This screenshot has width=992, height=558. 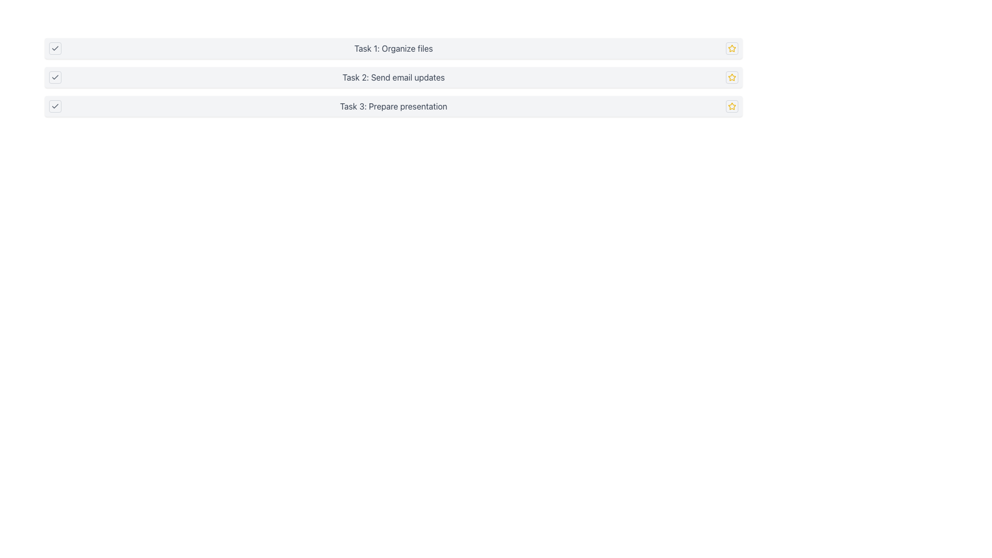 What do you see at coordinates (731, 77) in the screenshot?
I see `the star icon button with a yellow border to favorite or unfavorite the task displayed as 'Task 2: Send email updates'` at bounding box center [731, 77].